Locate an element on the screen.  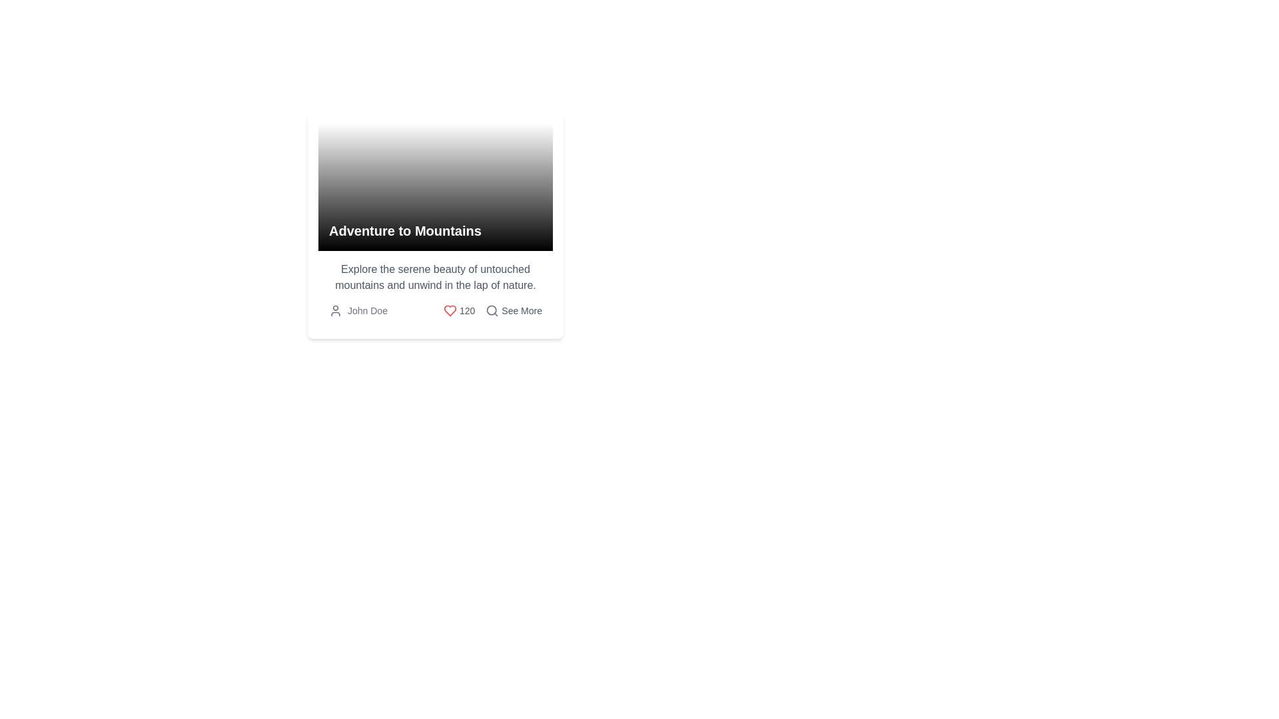
the gray magnifying glass icon located to the left of the 'See More' text in the lower section of the card is located at coordinates (492, 310).